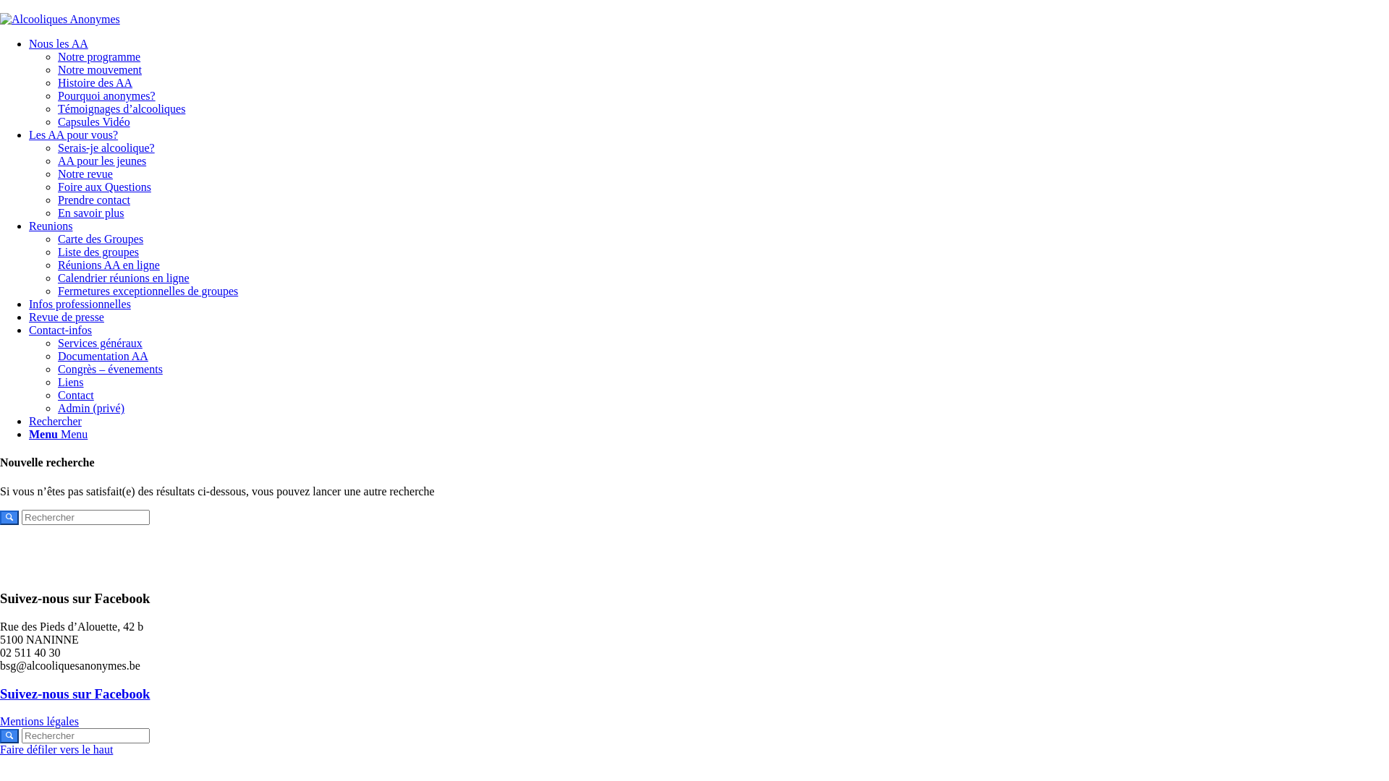 This screenshot has height=781, width=1389. Describe the element at coordinates (58, 433) in the screenshot. I see `'Menu Menu'` at that location.